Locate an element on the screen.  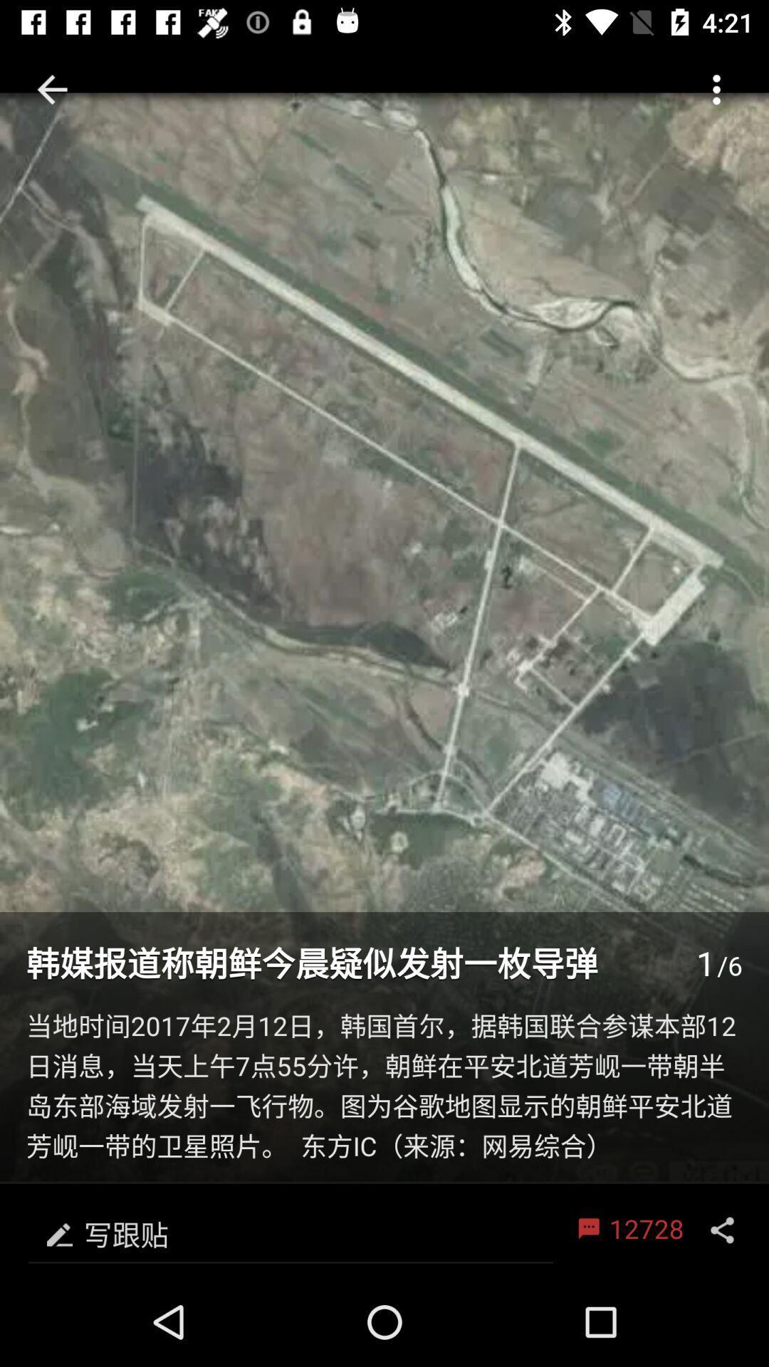
the icon below the 1 item is located at coordinates (384, 1087).